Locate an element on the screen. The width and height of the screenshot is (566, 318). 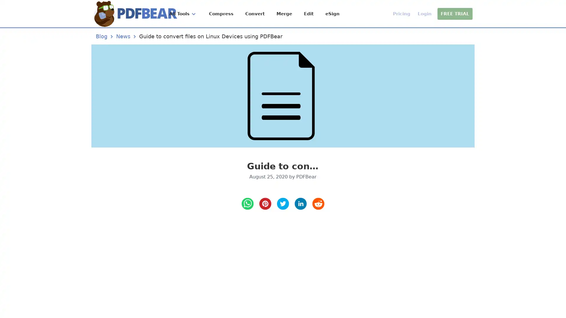
All Tools is located at coordinates (182, 13).